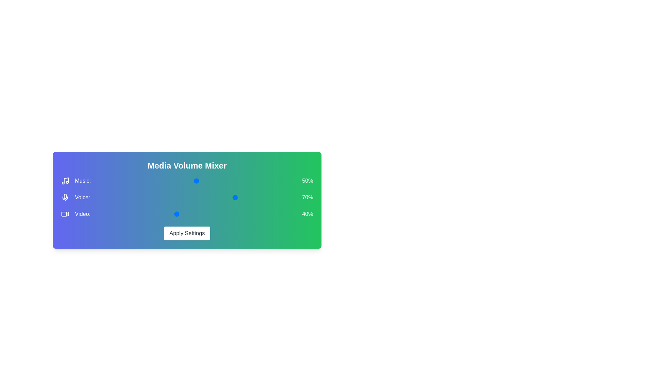 The width and height of the screenshot is (663, 373). Describe the element at coordinates (210, 197) in the screenshot. I see `the 1 volume to 14% by moving the corresponding slider` at that location.